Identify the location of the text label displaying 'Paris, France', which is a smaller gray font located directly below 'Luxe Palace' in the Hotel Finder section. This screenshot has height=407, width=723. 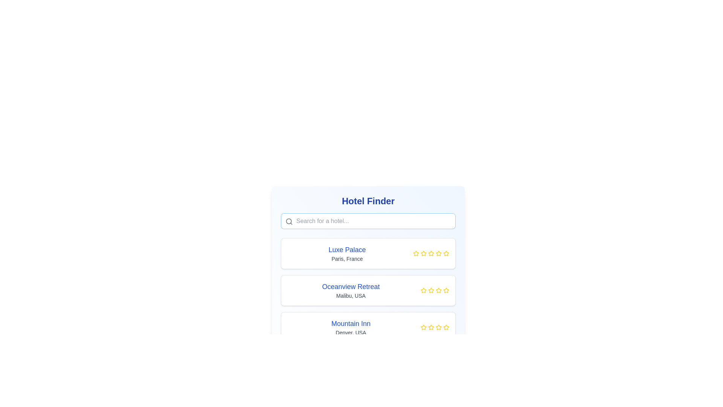
(346, 258).